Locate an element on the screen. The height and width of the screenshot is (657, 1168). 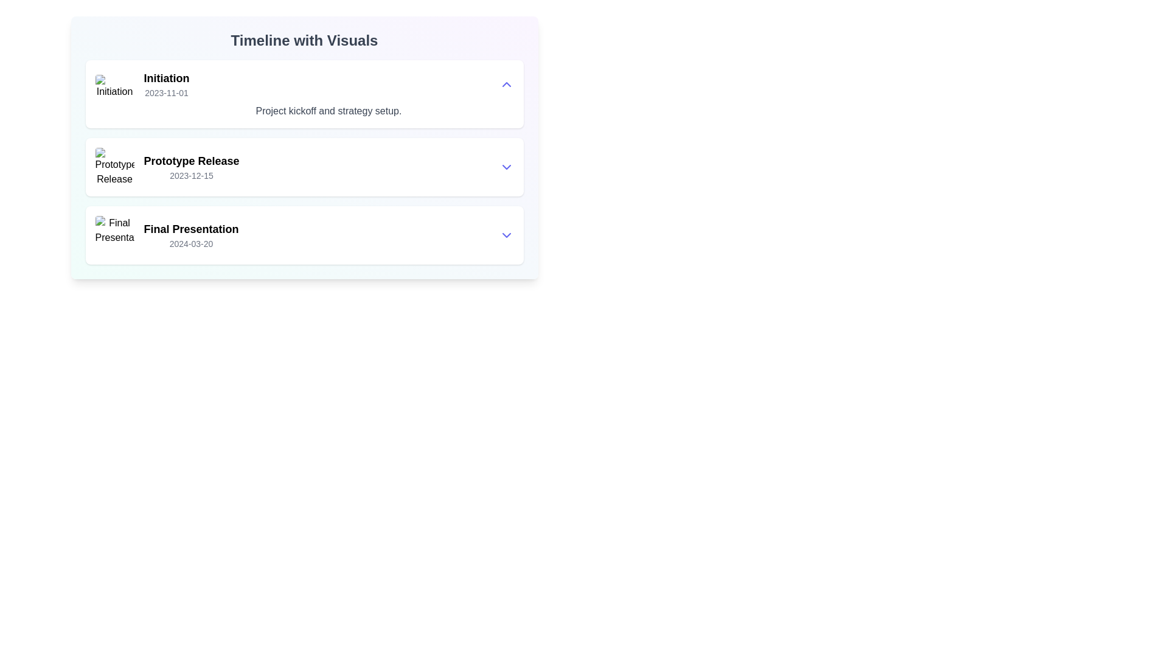
the 'Prototype Release' milestone timeline entry, which is the second entry in the vertical list of events within the timeline, located between 'Initiation' and 'Final Presentation' is located at coordinates (304, 161).